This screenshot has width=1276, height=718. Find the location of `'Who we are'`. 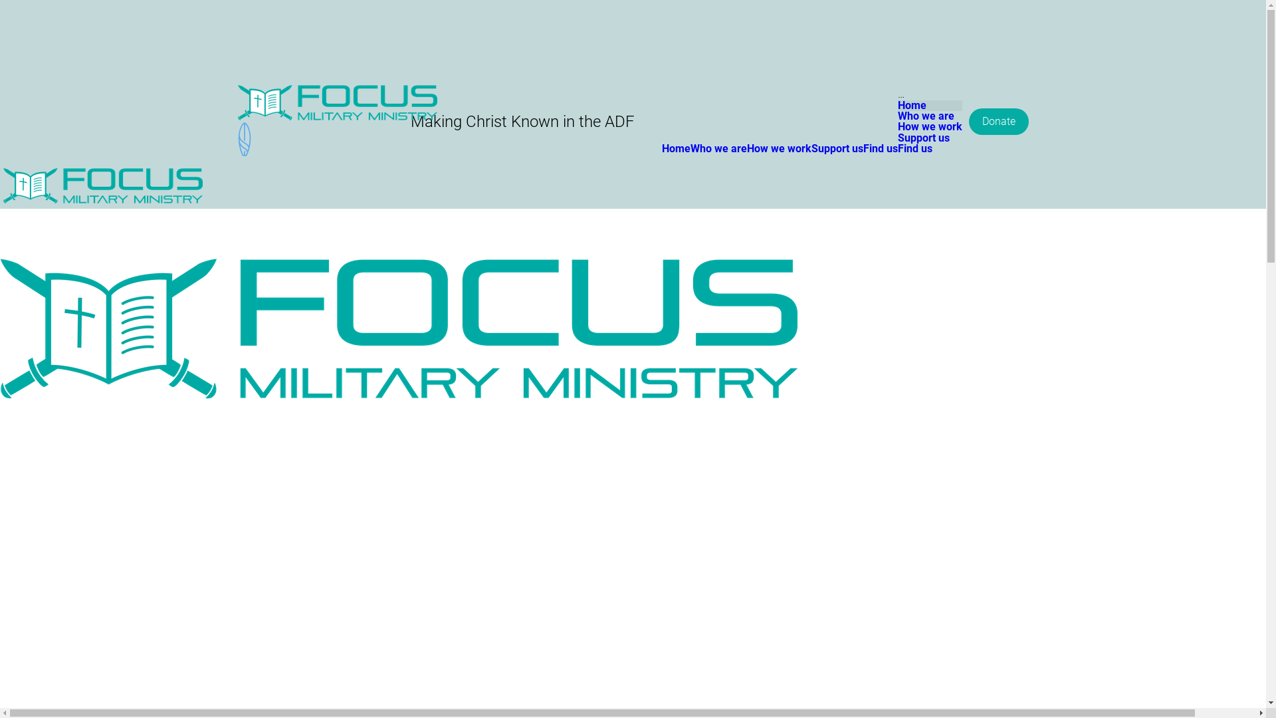

'Who we are' is located at coordinates (717, 148).